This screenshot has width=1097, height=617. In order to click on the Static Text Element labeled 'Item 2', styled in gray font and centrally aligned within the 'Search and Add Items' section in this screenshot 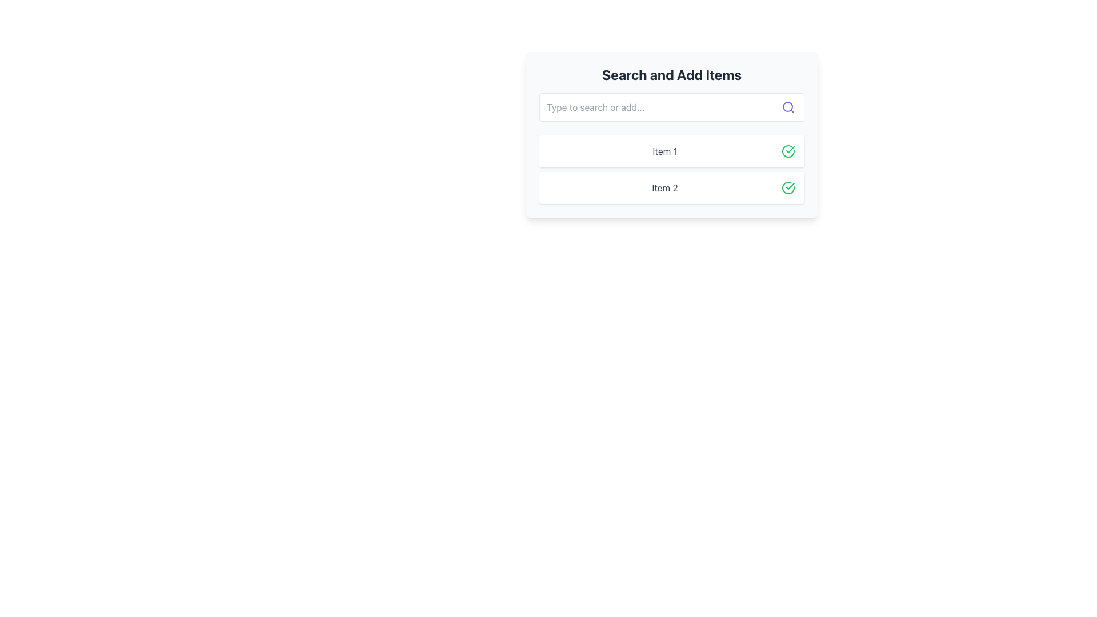, I will do `click(664, 187)`.